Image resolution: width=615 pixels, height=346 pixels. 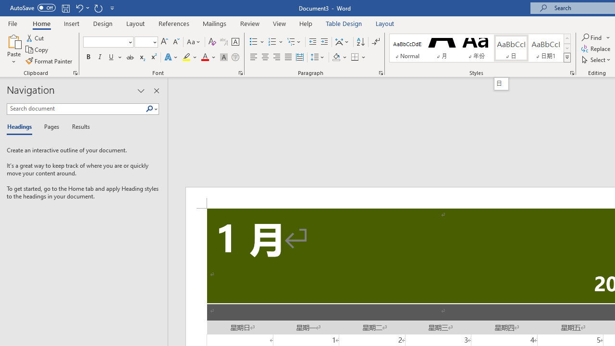 I want to click on 'Clear Formatting', so click(x=212, y=41).